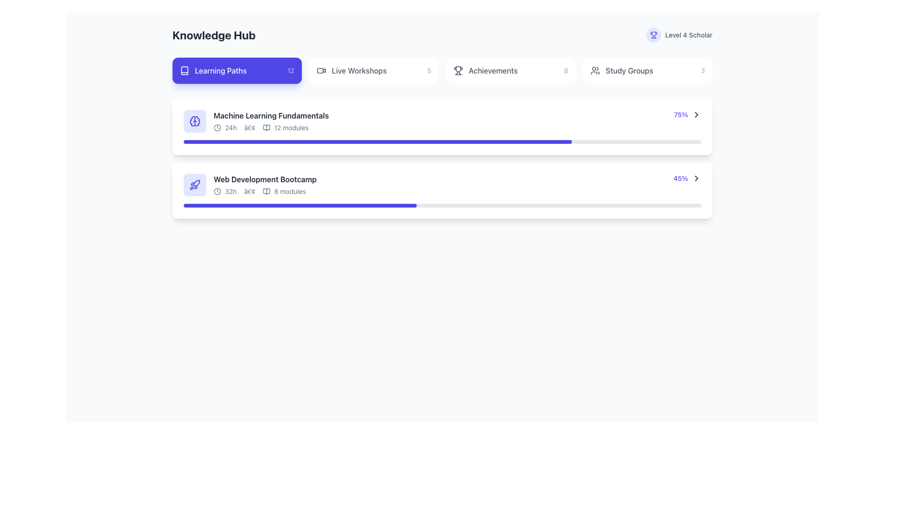 This screenshot has width=900, height=506. Describe the element at coordinates (220, 70) in the screenshot. I see `the 'Learning Paths' static text label in the first navigation tab of the knowledge hub` at that location.